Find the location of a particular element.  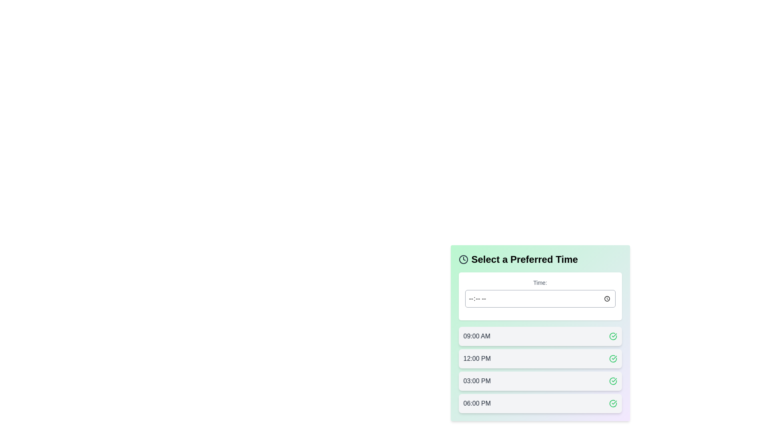

the fourth list item with the text '06:00 PM' and a green circular check icon, located at the bottom of the list under 'Select a Preferred Time' is located at coordinates (540, 404).